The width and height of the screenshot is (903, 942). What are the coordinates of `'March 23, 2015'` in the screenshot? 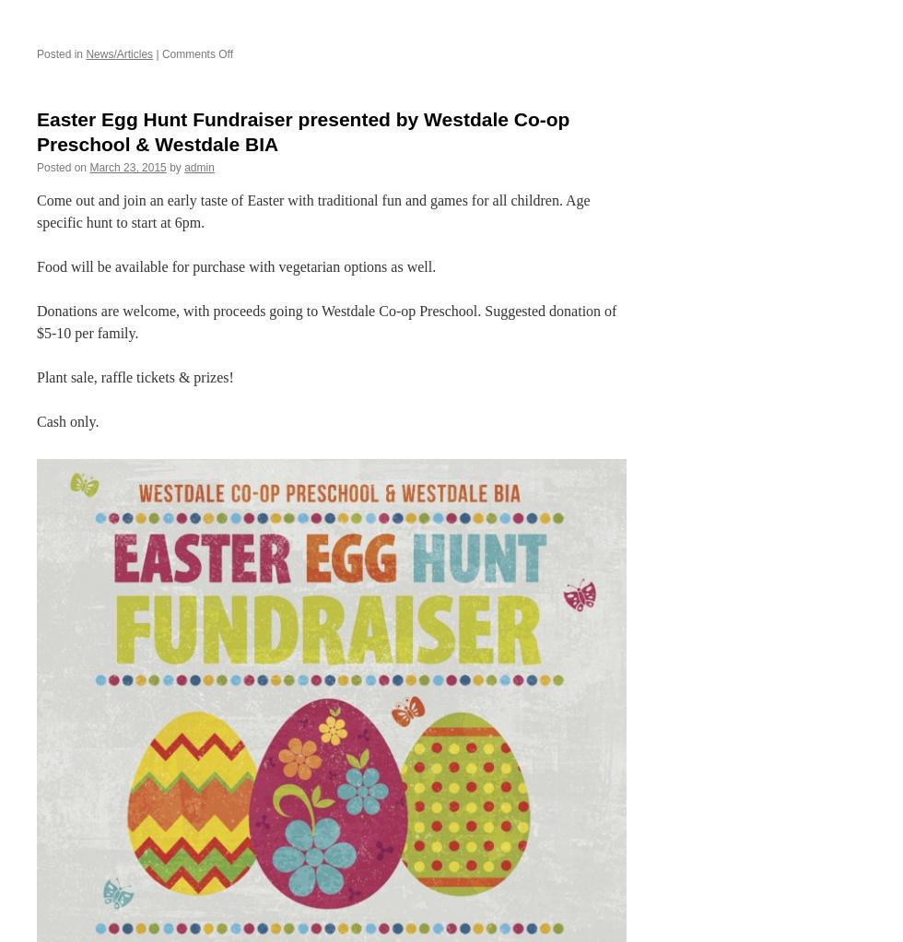 It's located at (127, 167).